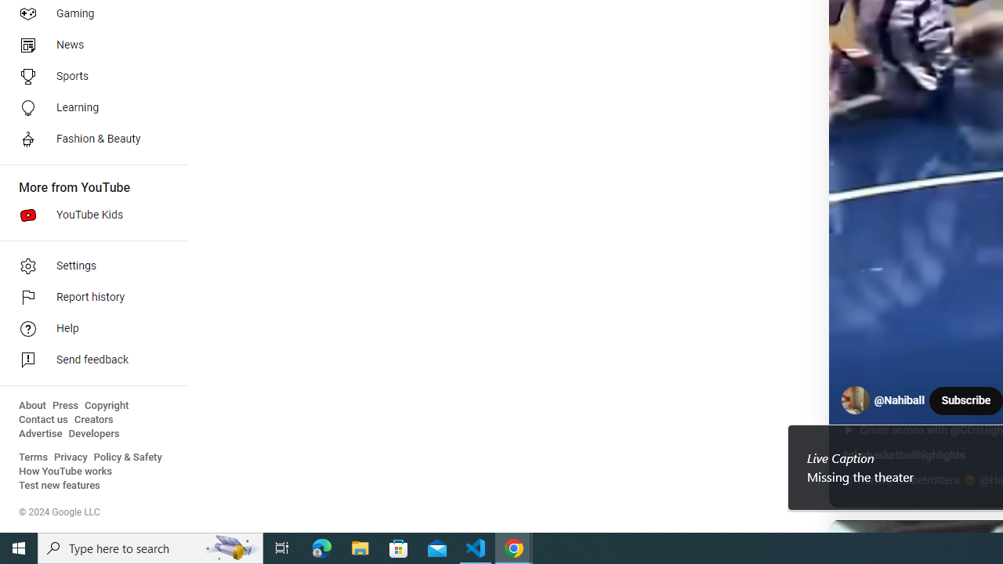  What do you see at coordinates (64, 405) in the screenshot?
I see `'Press'` at bounding box center [64, 405].